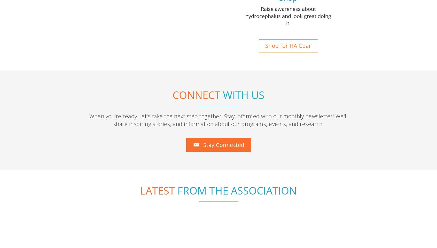  Describe the element at coordinates (89, 54) in the screenshot. I see `'When you're ready, let's take the next step together. Stay informed with our monthly newsletter! We'll share inspiring stories, and information about our programs, events, and research.'` at that location.